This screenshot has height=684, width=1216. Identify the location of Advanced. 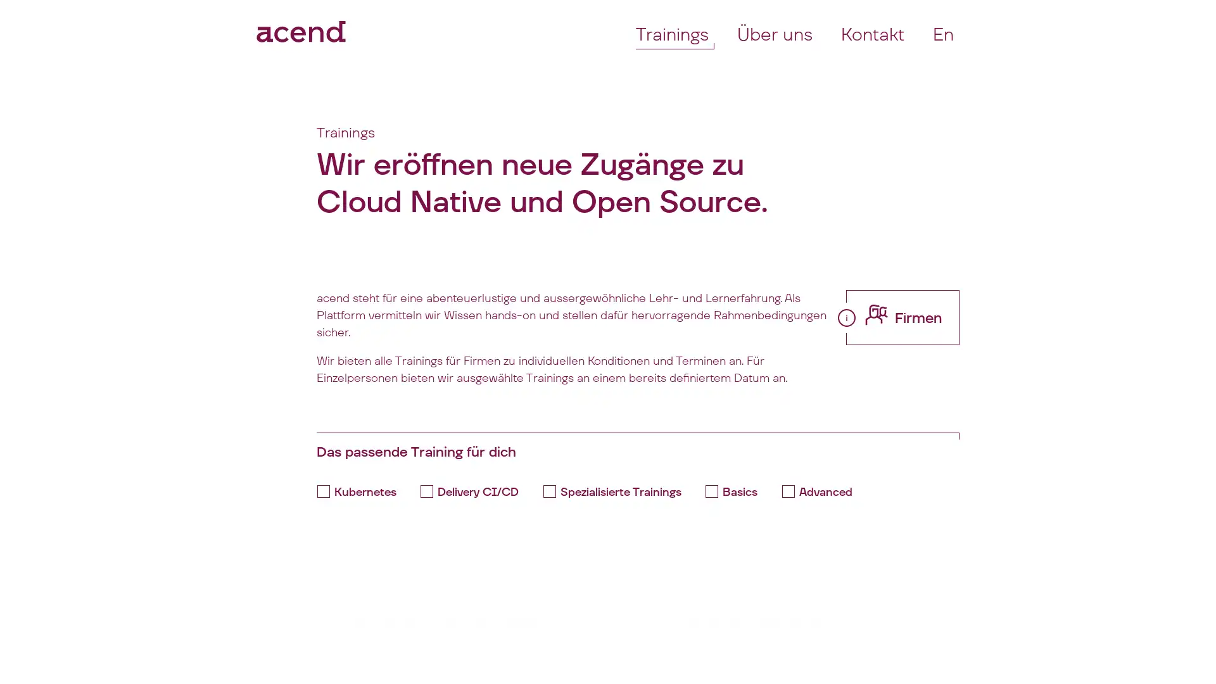
(821, 491).